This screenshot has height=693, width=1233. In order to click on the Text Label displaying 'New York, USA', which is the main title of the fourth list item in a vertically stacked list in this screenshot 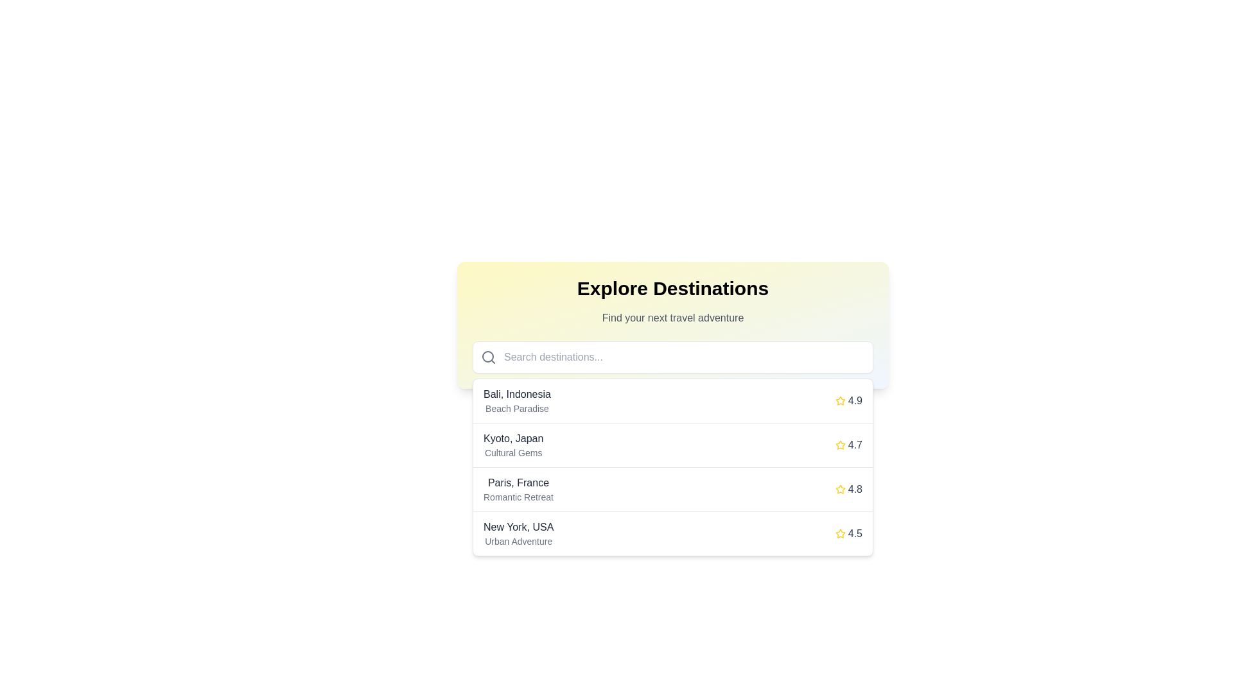, I will do `click(518, 527)`.